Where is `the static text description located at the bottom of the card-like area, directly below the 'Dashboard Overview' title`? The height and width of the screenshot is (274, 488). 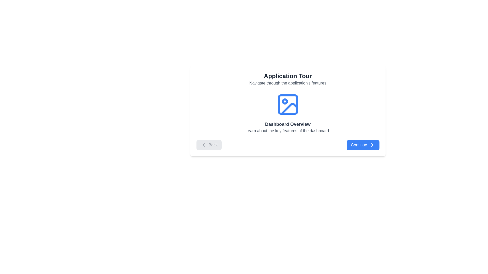 the static text description located at the bottom of the card-like area, directly below the 'Dashboard Overview' title is located at coordinates (288, 131).